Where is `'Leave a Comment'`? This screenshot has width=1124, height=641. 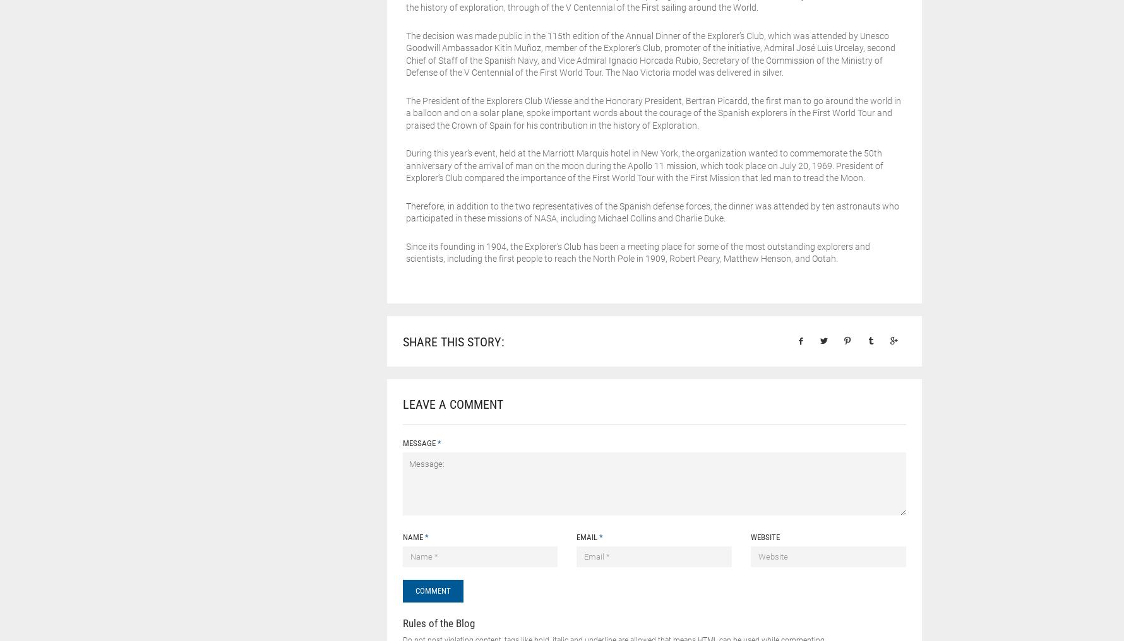
'Leave a Comment' is located at coordinates (451, 403).